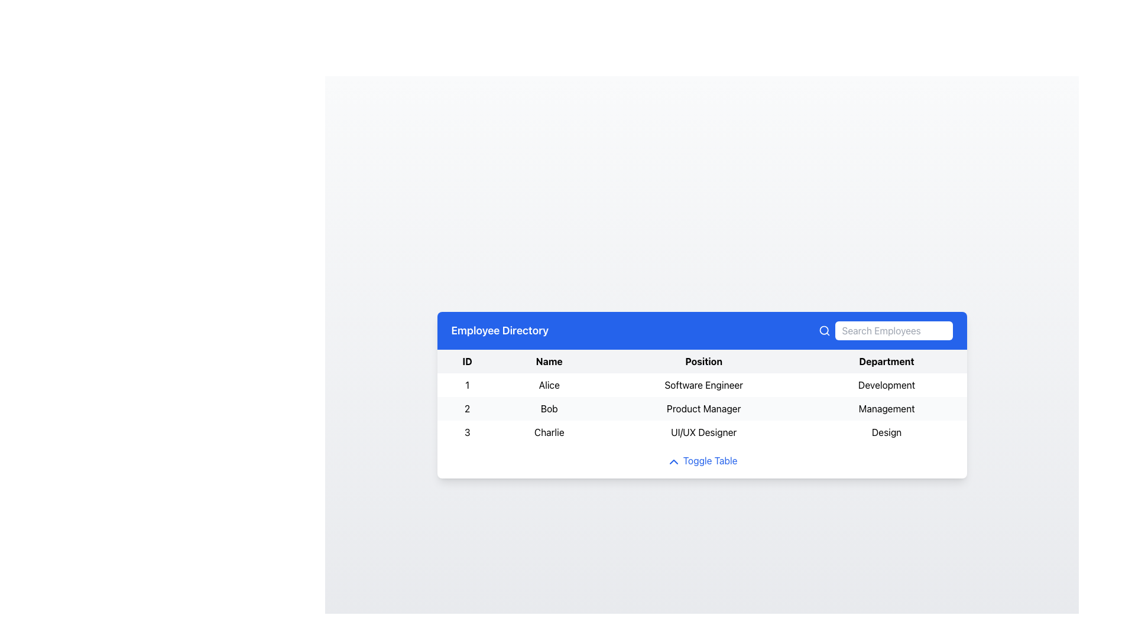 The image size is (1135, 638). I want to click on the static text label displaying the name 'Charlie' in the second column of the third row of the 'Employee Directory' table, so click(549, 432).